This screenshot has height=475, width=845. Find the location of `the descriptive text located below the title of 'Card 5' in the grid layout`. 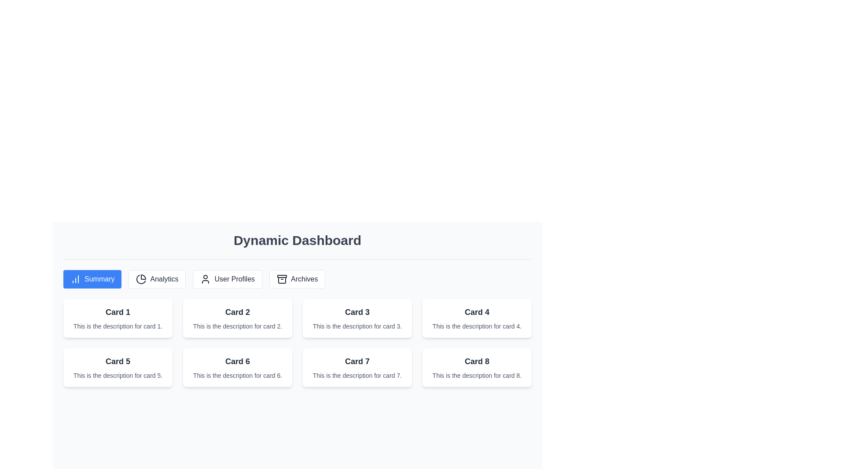

the descriptive text located below the title of 'Card 5' in the grid layout is located at coordinates (118, 375).